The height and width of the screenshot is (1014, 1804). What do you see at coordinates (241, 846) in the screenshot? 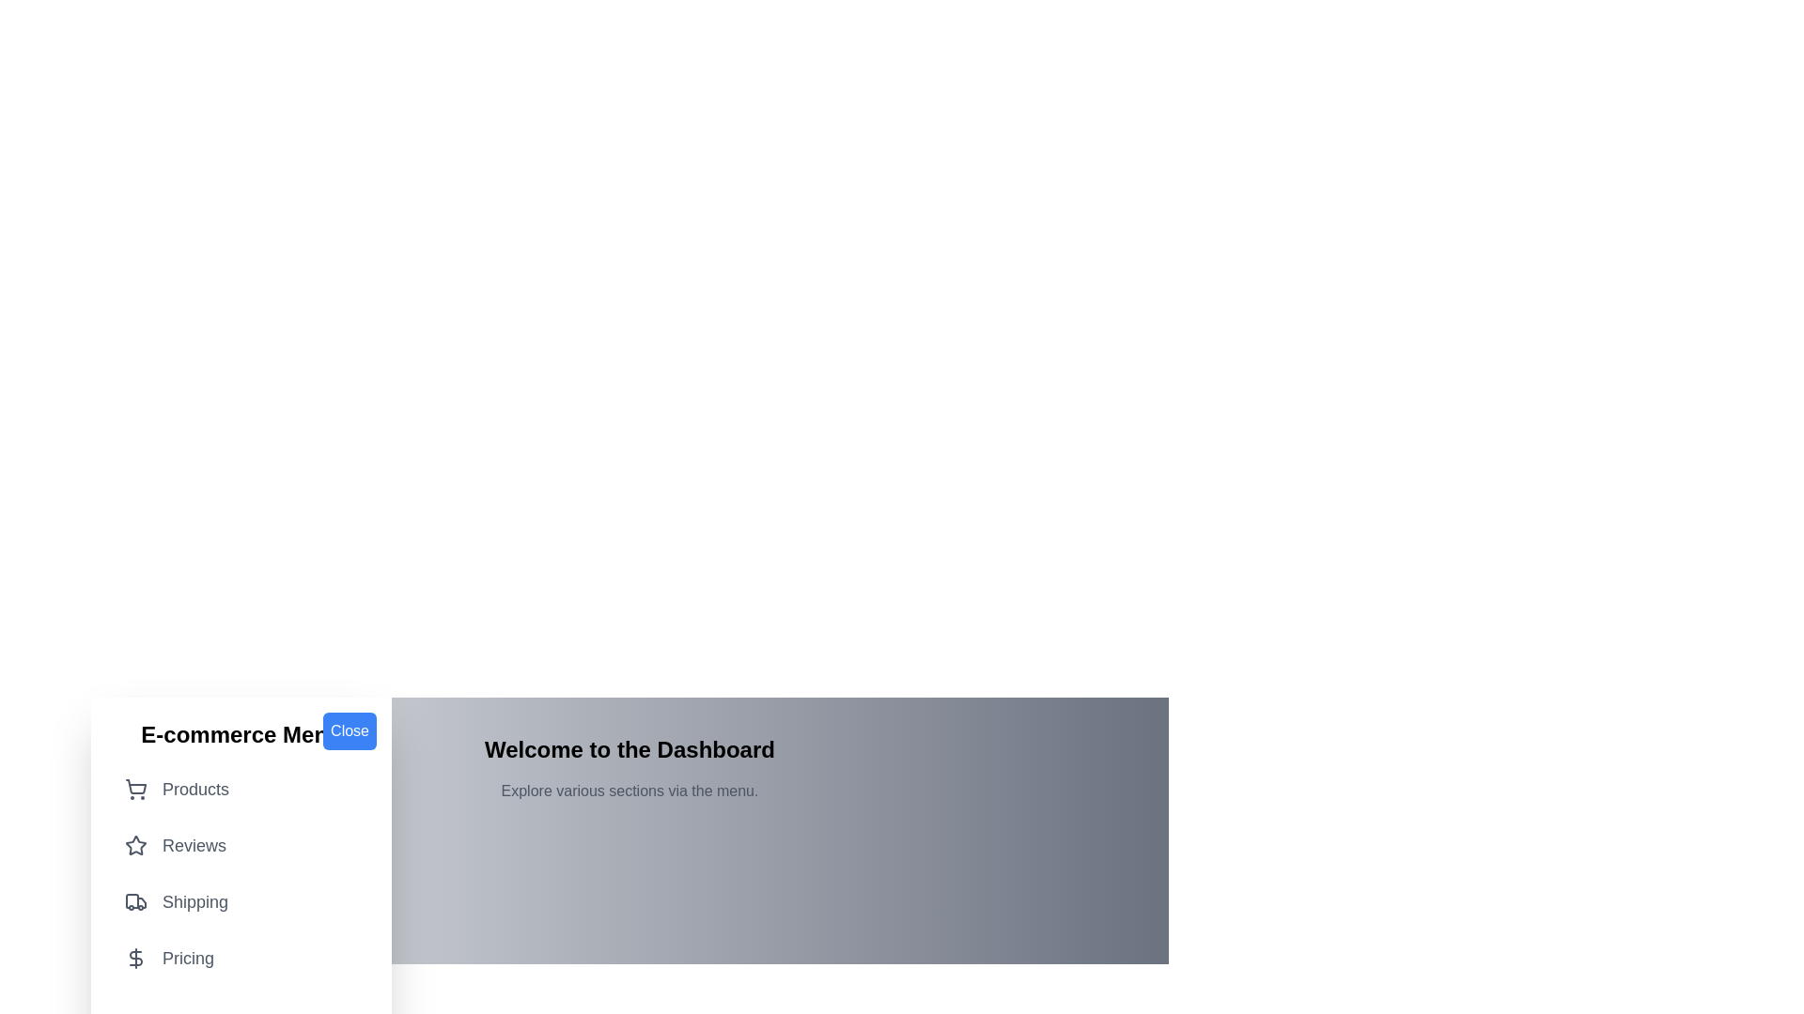
I see `the menu item Reviews` at bounding box center [241, 846].